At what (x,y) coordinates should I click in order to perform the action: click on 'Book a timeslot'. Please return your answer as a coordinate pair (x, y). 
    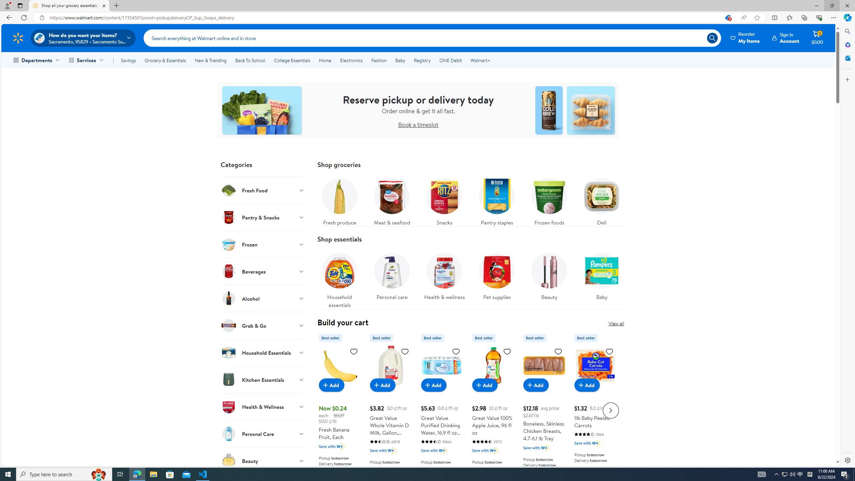
    Looking at the image, I should click on (418, 124).